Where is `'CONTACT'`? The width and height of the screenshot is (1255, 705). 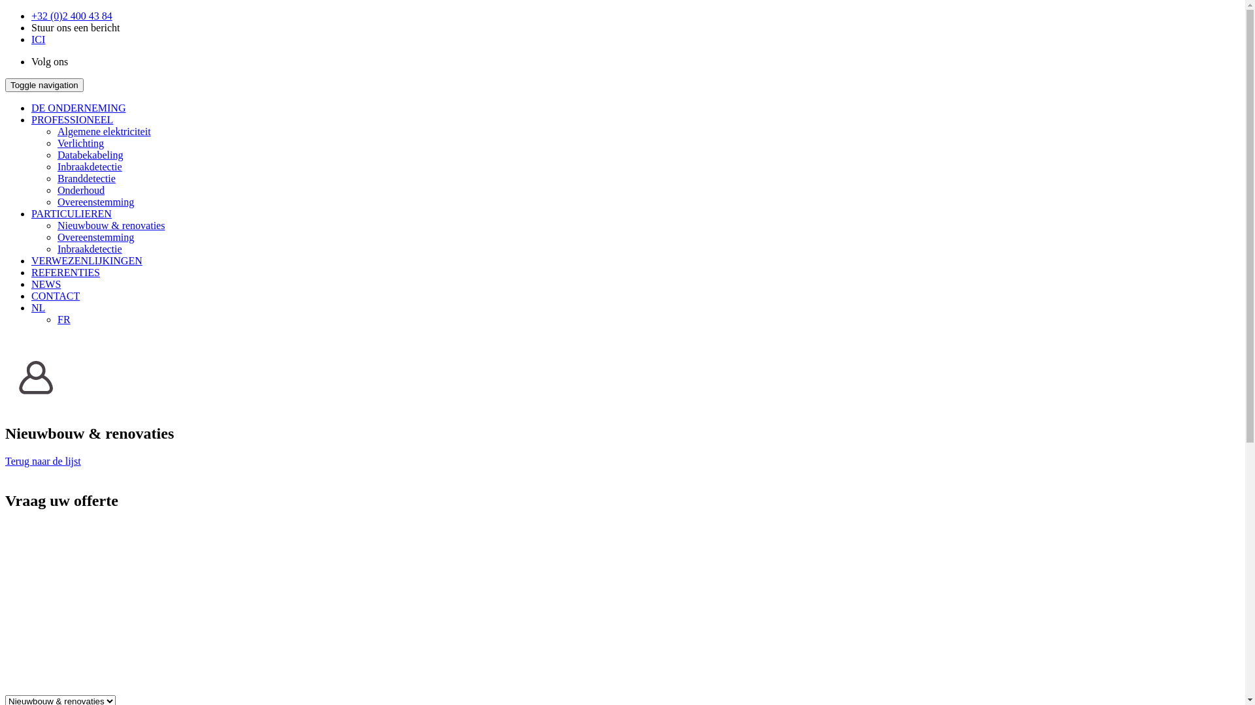 'CONTACT' is located at coordinates (31, 296).